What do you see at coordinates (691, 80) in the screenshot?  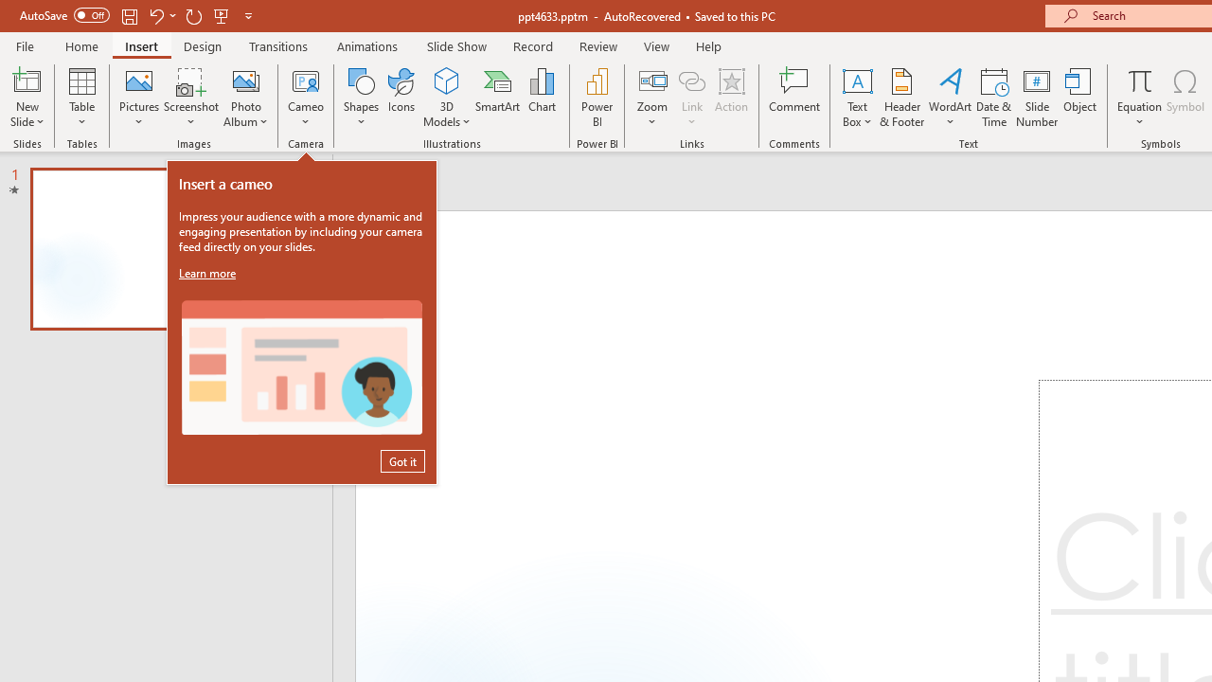 I see `'Link'` at bounding box center [691, 80].